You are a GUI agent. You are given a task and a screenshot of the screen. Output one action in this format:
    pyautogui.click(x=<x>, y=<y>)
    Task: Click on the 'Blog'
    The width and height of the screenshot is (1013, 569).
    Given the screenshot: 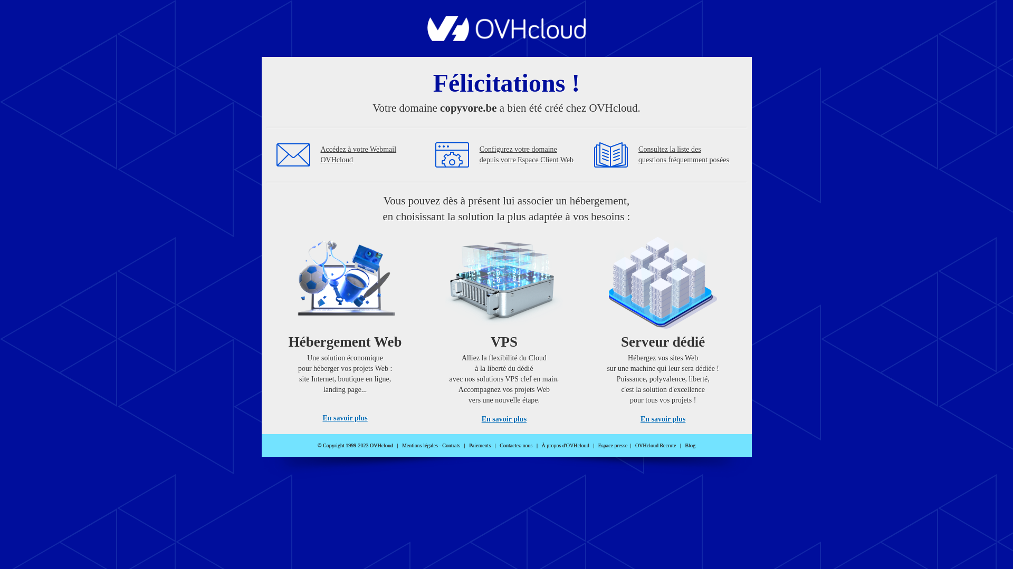 What is the action you would take?
    pyautogui.click(x=690, y=445)
    